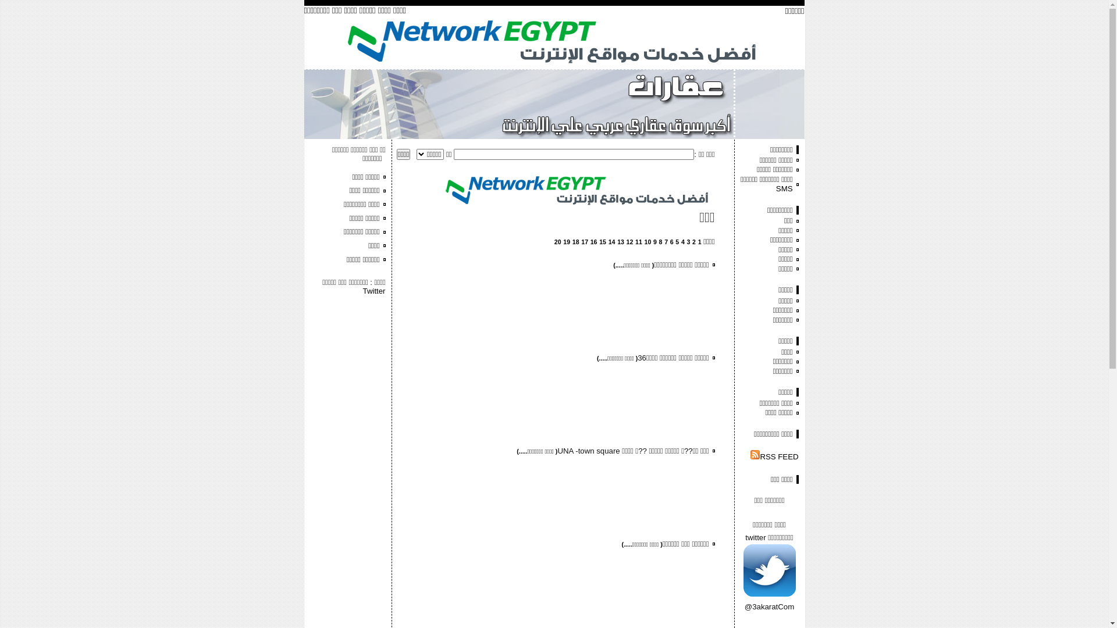 The height and width of the screenshot is (628, 1117). I want to click on '15', so click(603, 241).